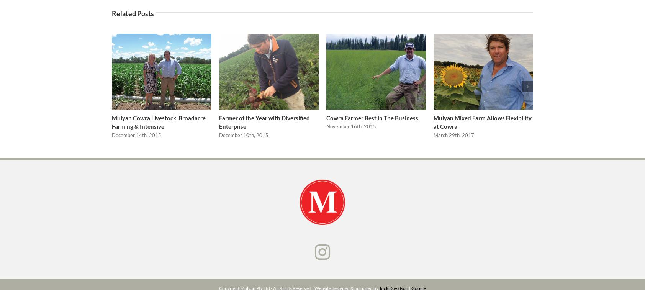  Describe the element at coordinates (159, 125) in the screenshot. I see `'Mulyan Cowra Livestock, Broadacre Farming & Intensive'` at that location.